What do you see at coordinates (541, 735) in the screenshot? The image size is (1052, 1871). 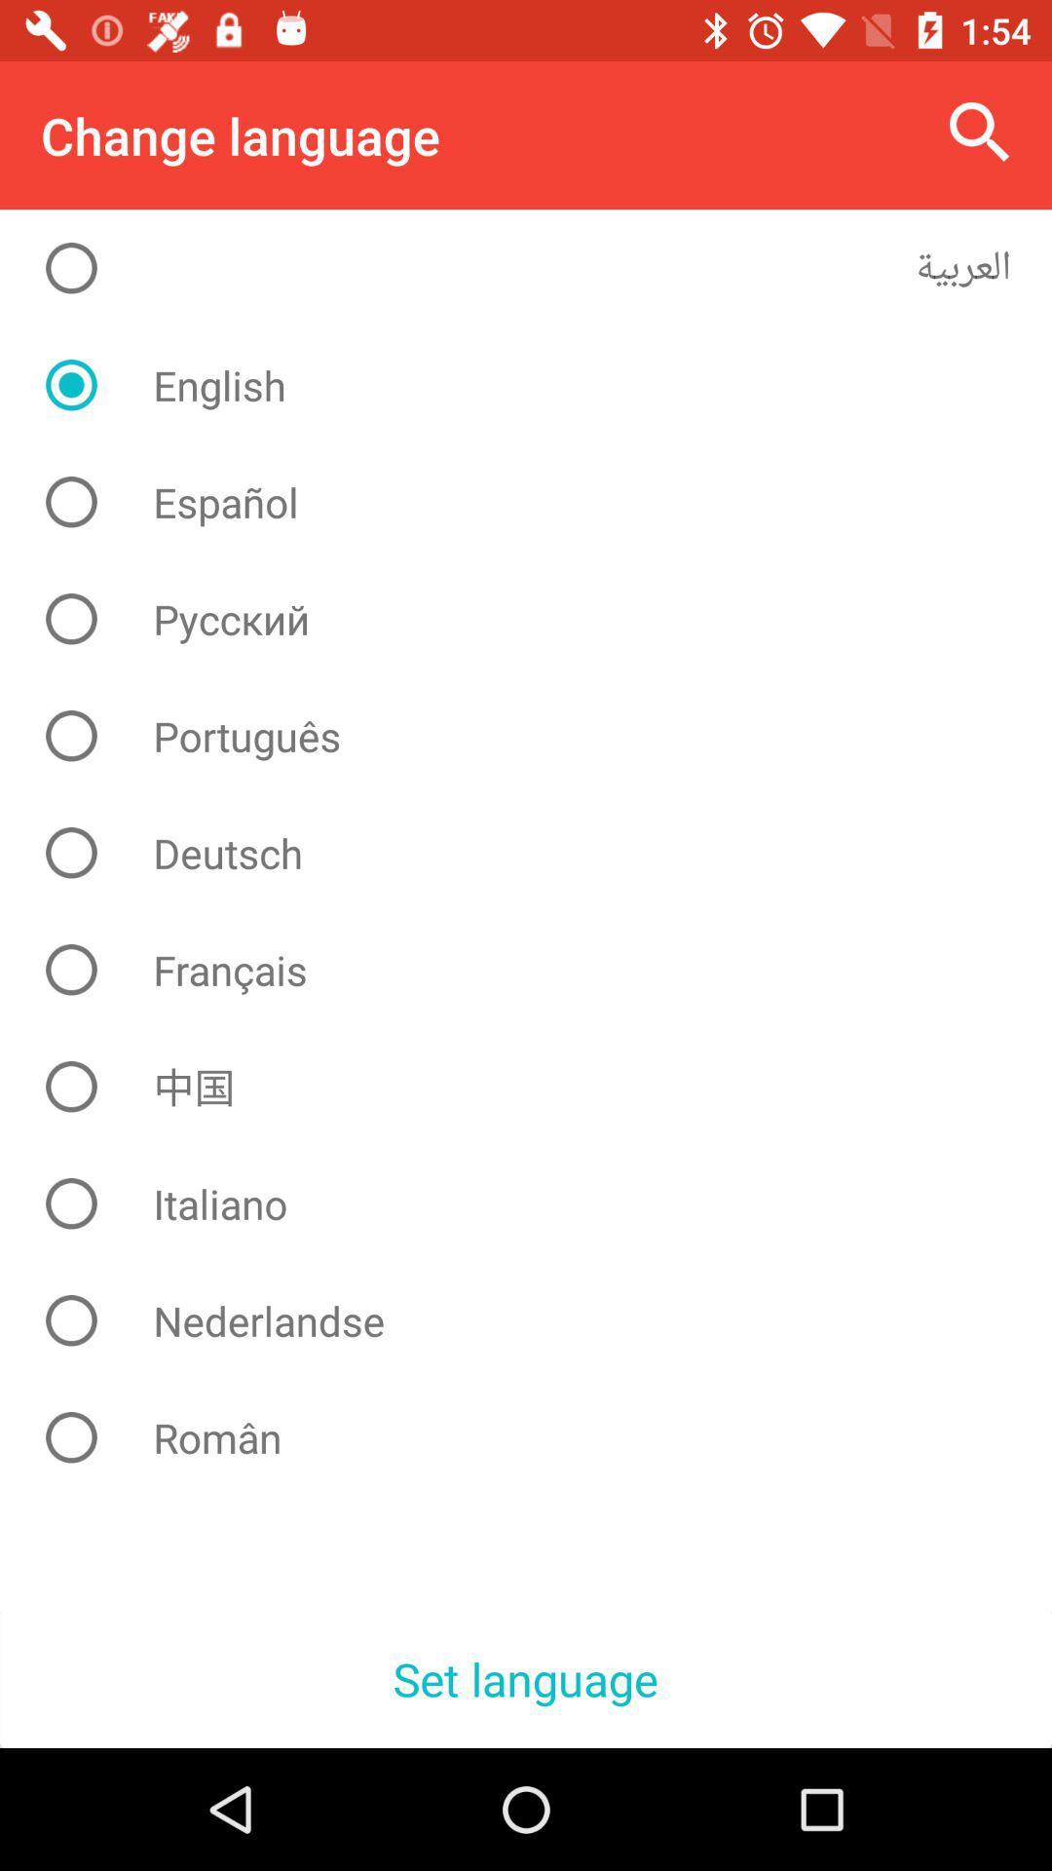 I see `the item above the deutsch icon` at bounding box center [541, 735].